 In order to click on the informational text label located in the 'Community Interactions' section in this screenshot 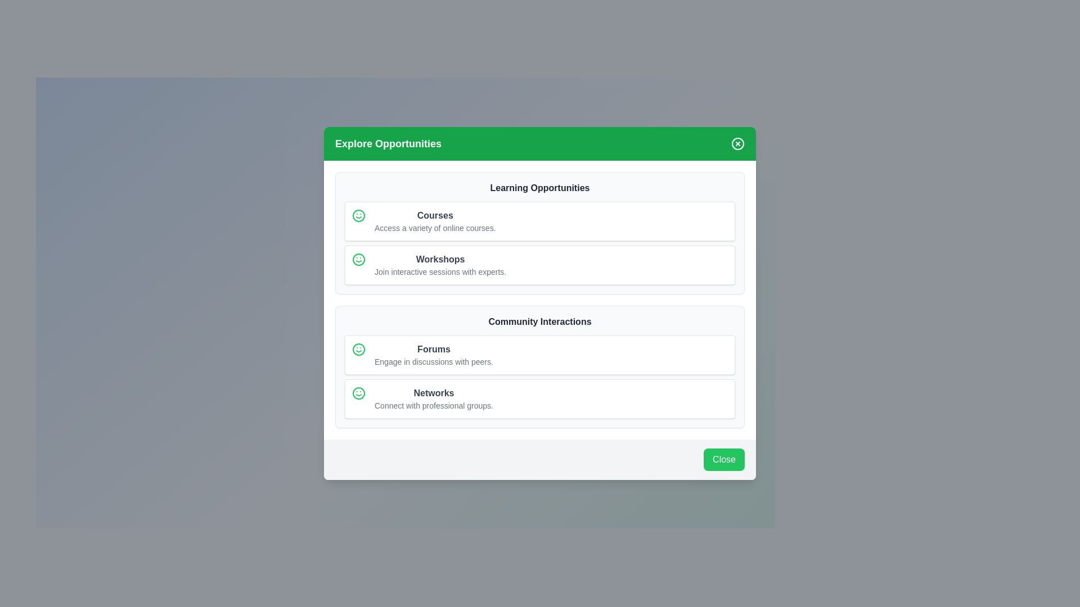, I will do `click(433, 398)`.